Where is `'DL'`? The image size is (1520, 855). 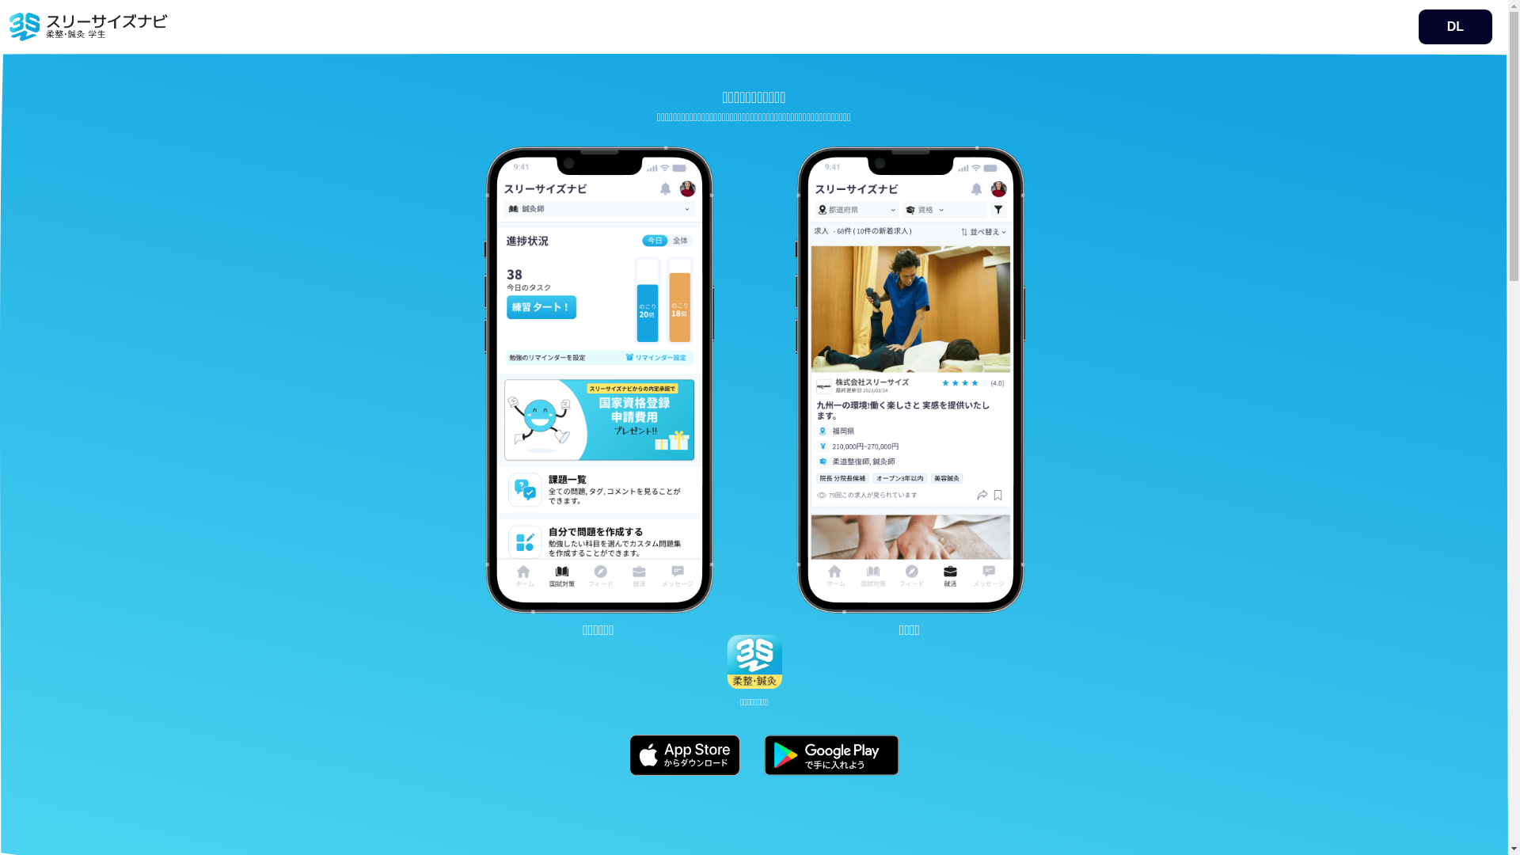
'DL' is located at coordinates (1455, 27).